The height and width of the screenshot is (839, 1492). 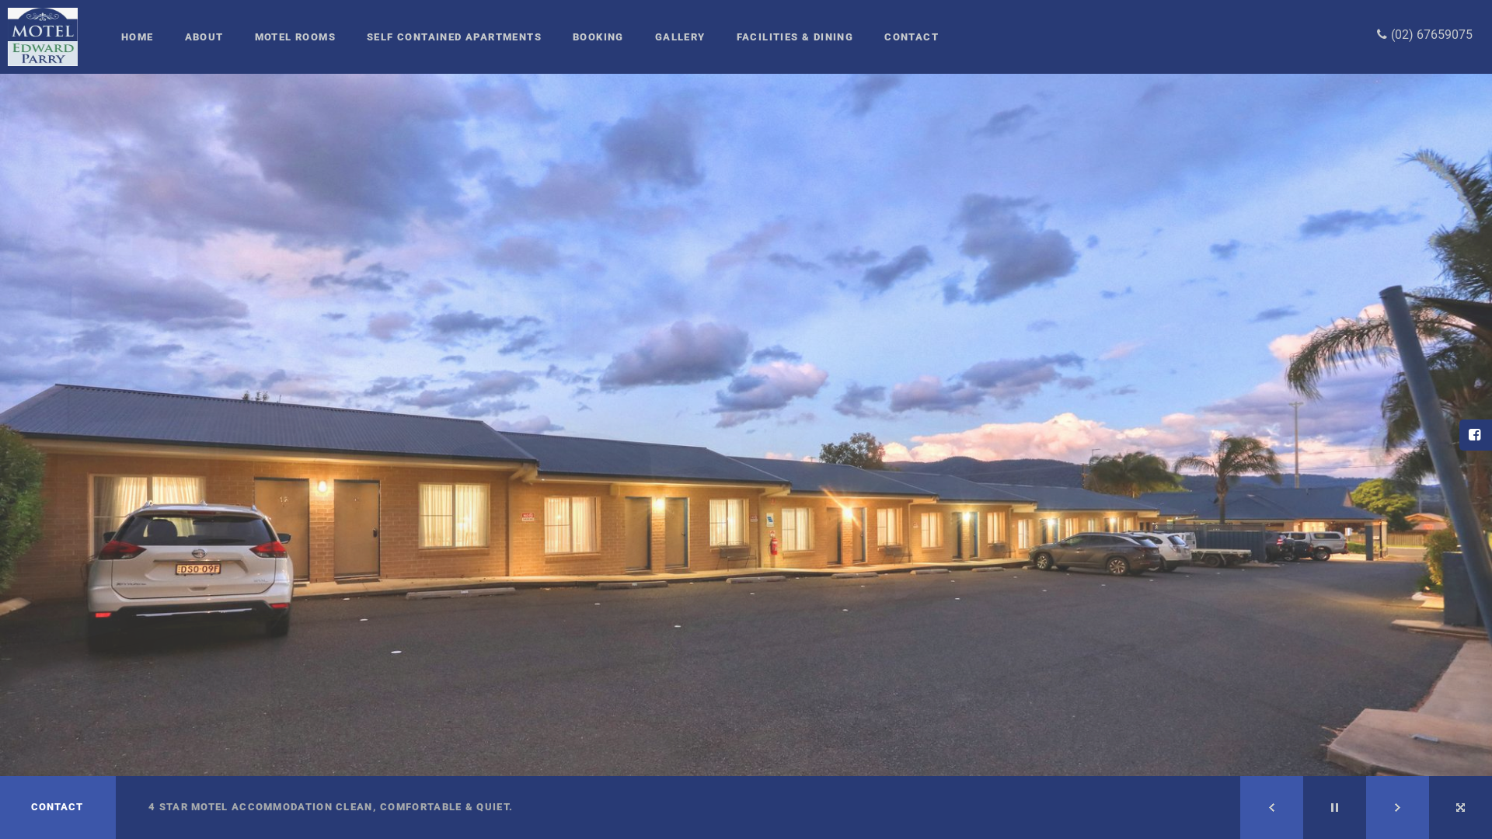 I want to click on '(02) 67659075', so click(x=1429, y=34).